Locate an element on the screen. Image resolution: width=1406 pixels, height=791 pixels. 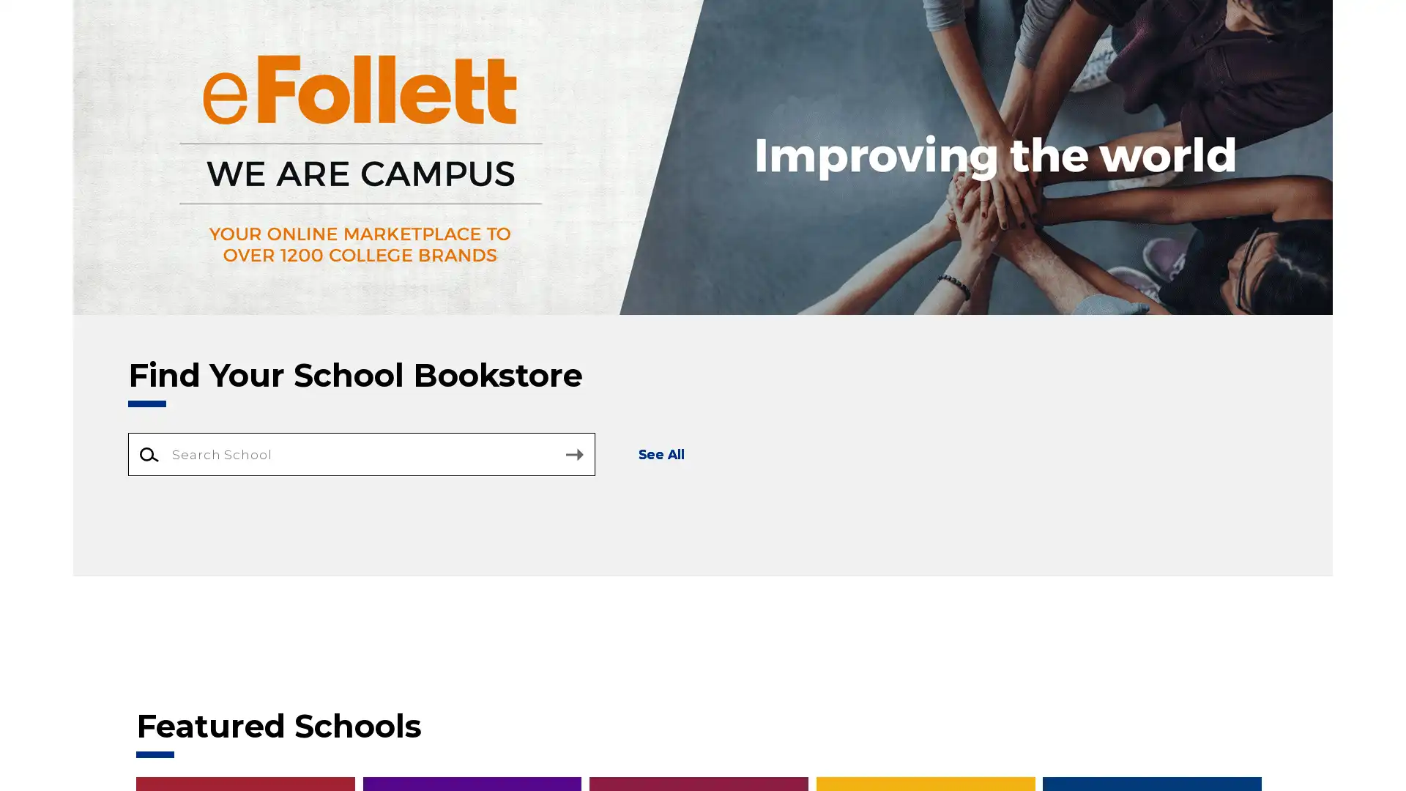
search is located at coordinates (573, 454).